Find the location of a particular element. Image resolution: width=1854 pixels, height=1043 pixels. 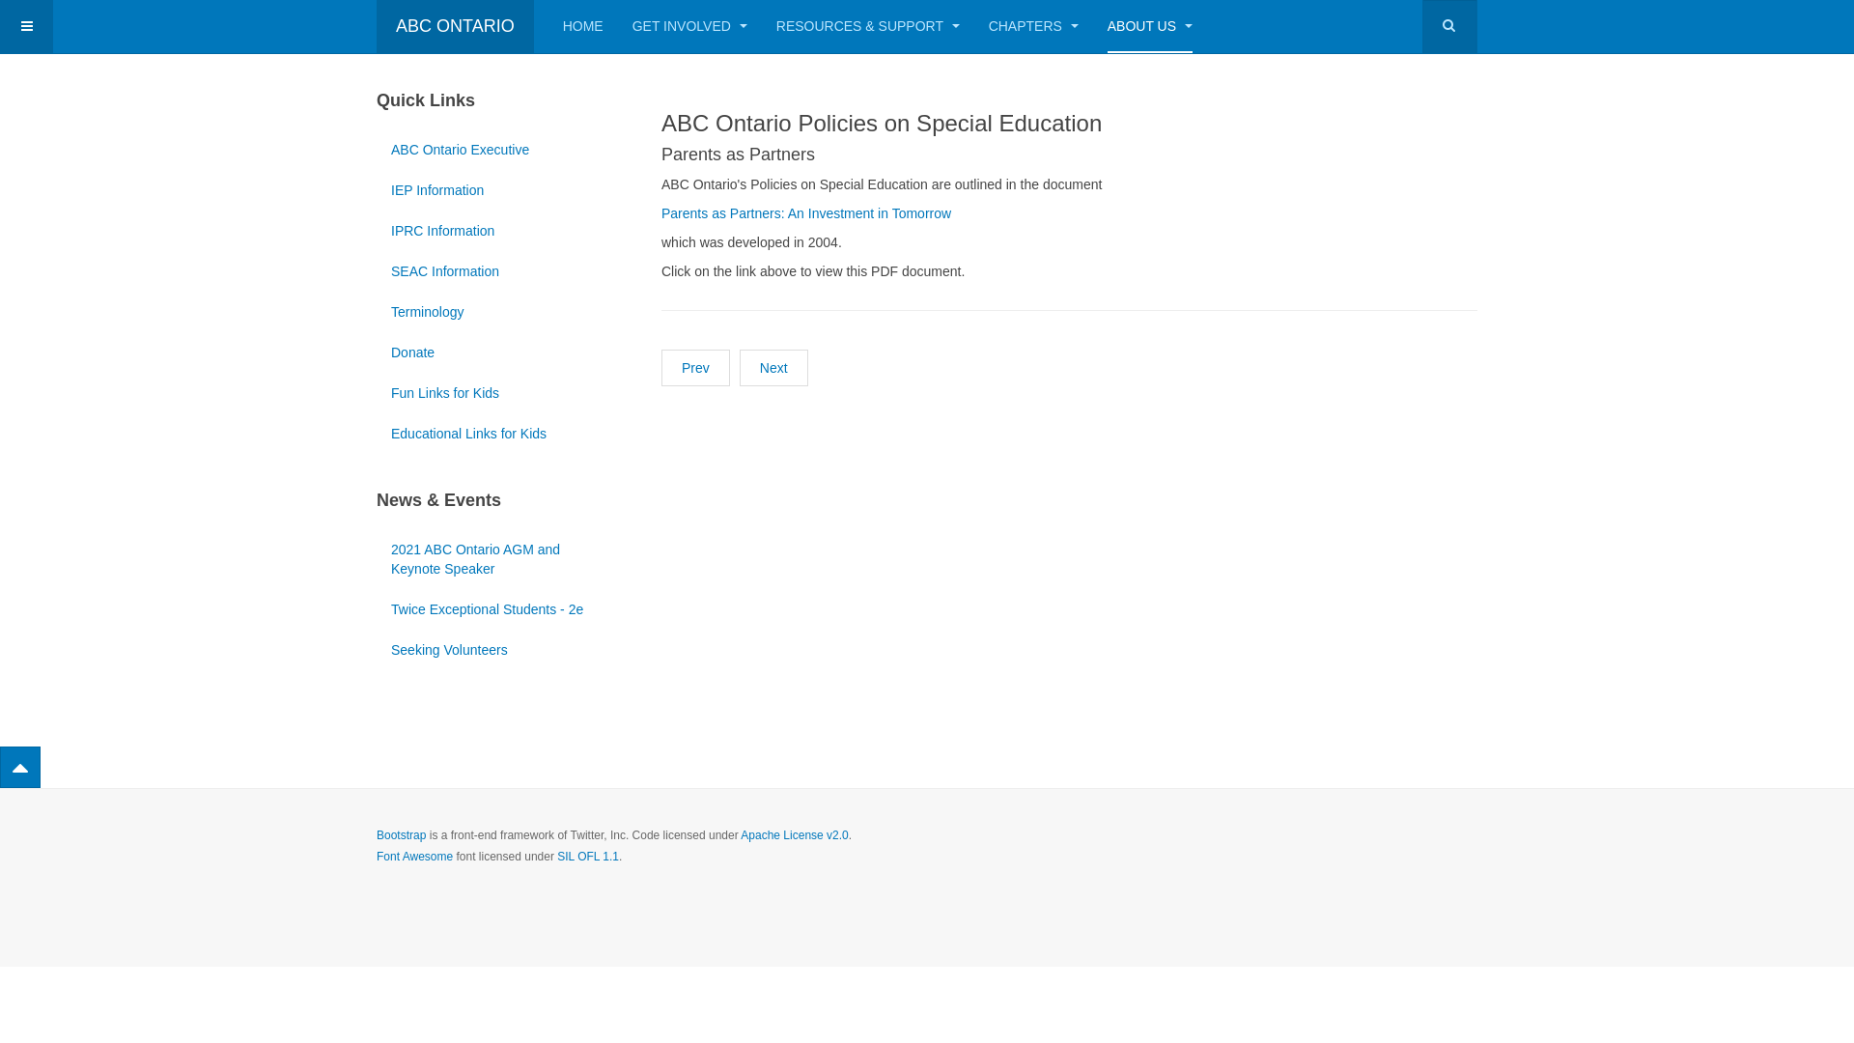

'SEAC Information' is located at coordinates (499, 271).